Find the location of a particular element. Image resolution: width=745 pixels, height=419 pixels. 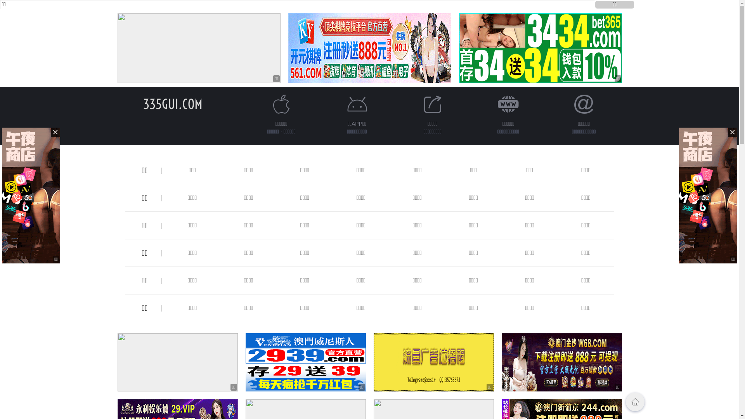

'335GUI.COM' is located at coordinates (143, 104).